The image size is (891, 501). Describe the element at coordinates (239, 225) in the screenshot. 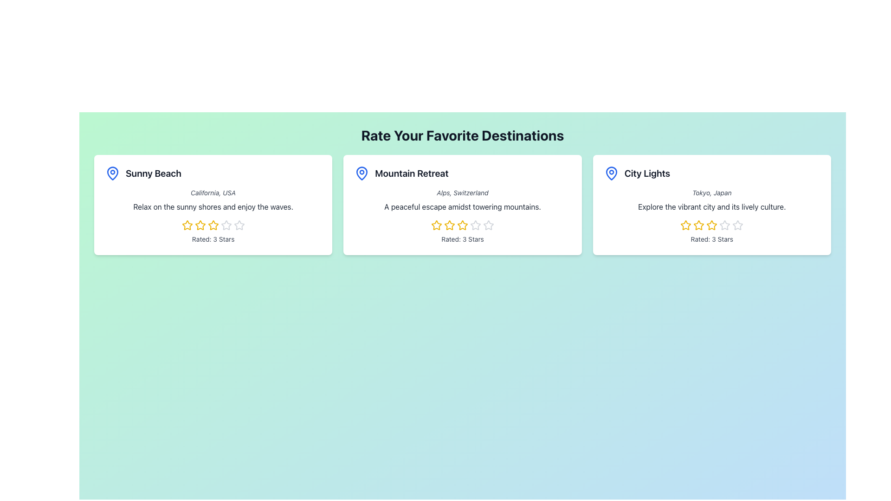

I see `the fifth interactive star icon used for rating below the 'Sunny Beach' title to rate it` at that location.